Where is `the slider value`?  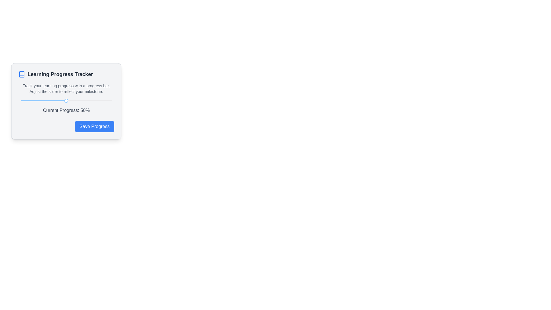 the slider value is located at coordinates (28, 100).